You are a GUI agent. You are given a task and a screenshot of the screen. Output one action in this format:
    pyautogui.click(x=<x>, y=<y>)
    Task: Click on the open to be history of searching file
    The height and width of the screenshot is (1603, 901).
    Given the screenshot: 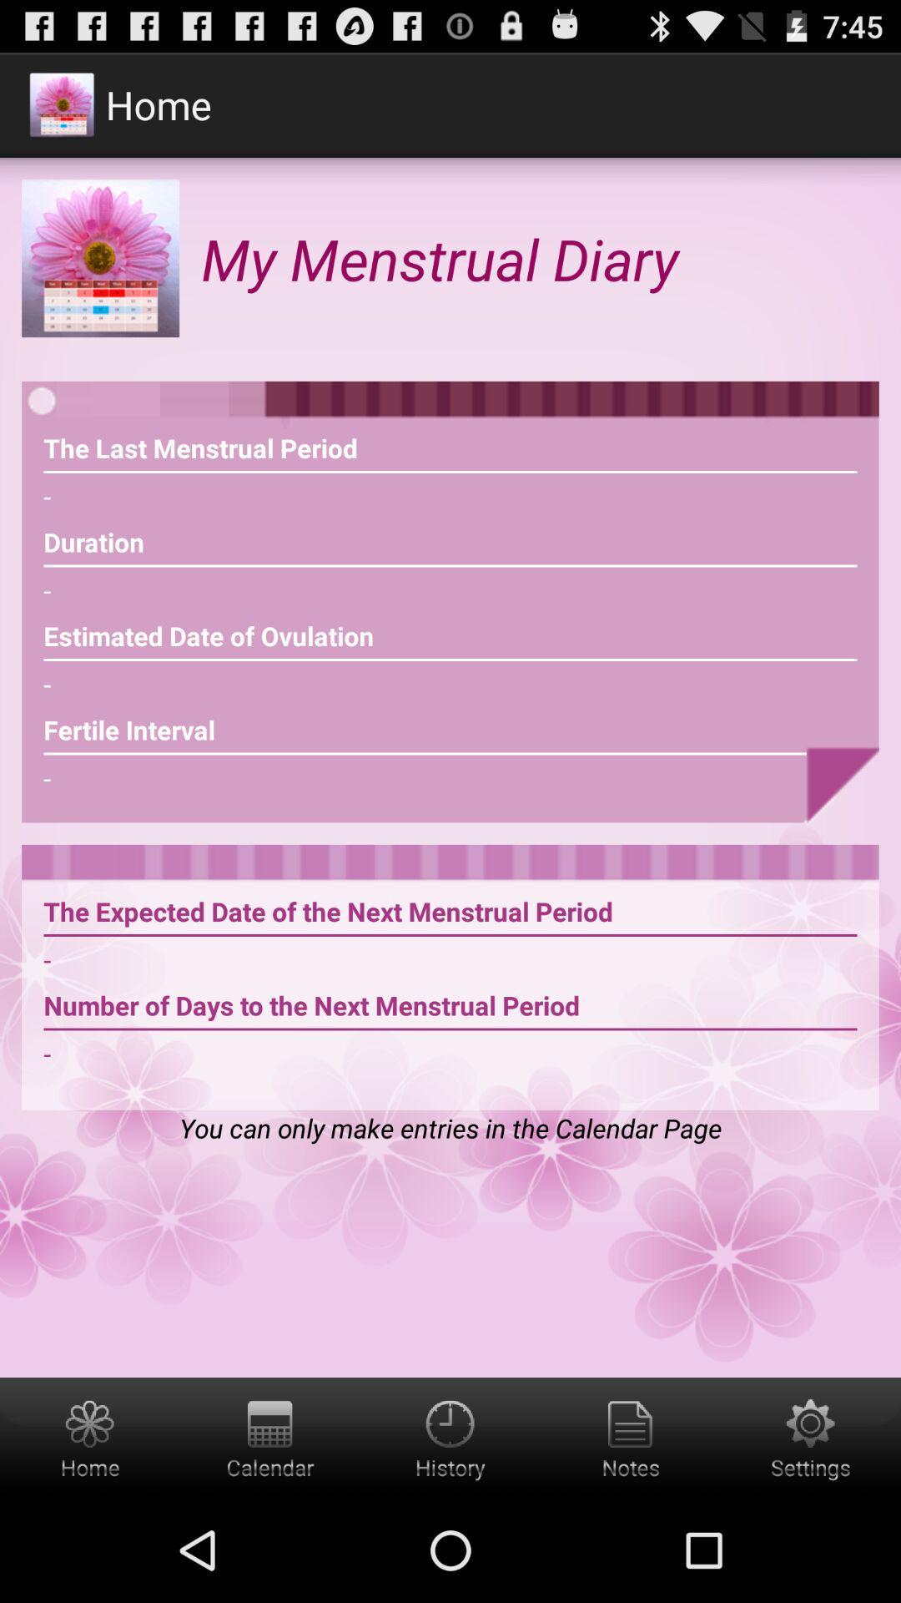 What is the action you would take?
    pyautogui.click(x=450, y=1437)
    